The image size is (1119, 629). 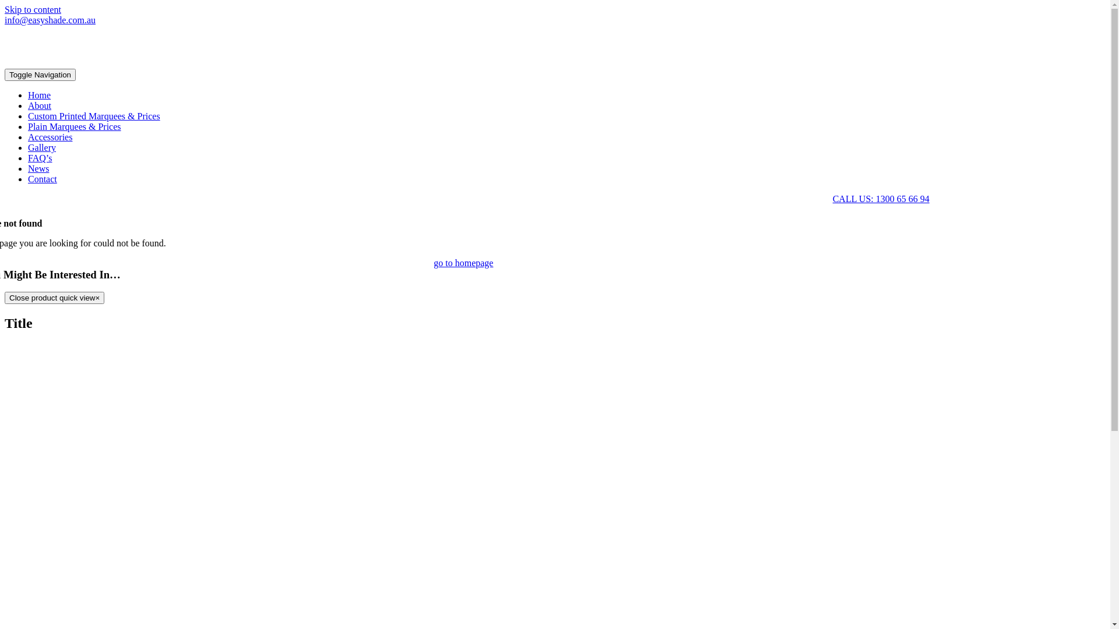 I want to click on 'Gallery', so click(x=42, y=147).